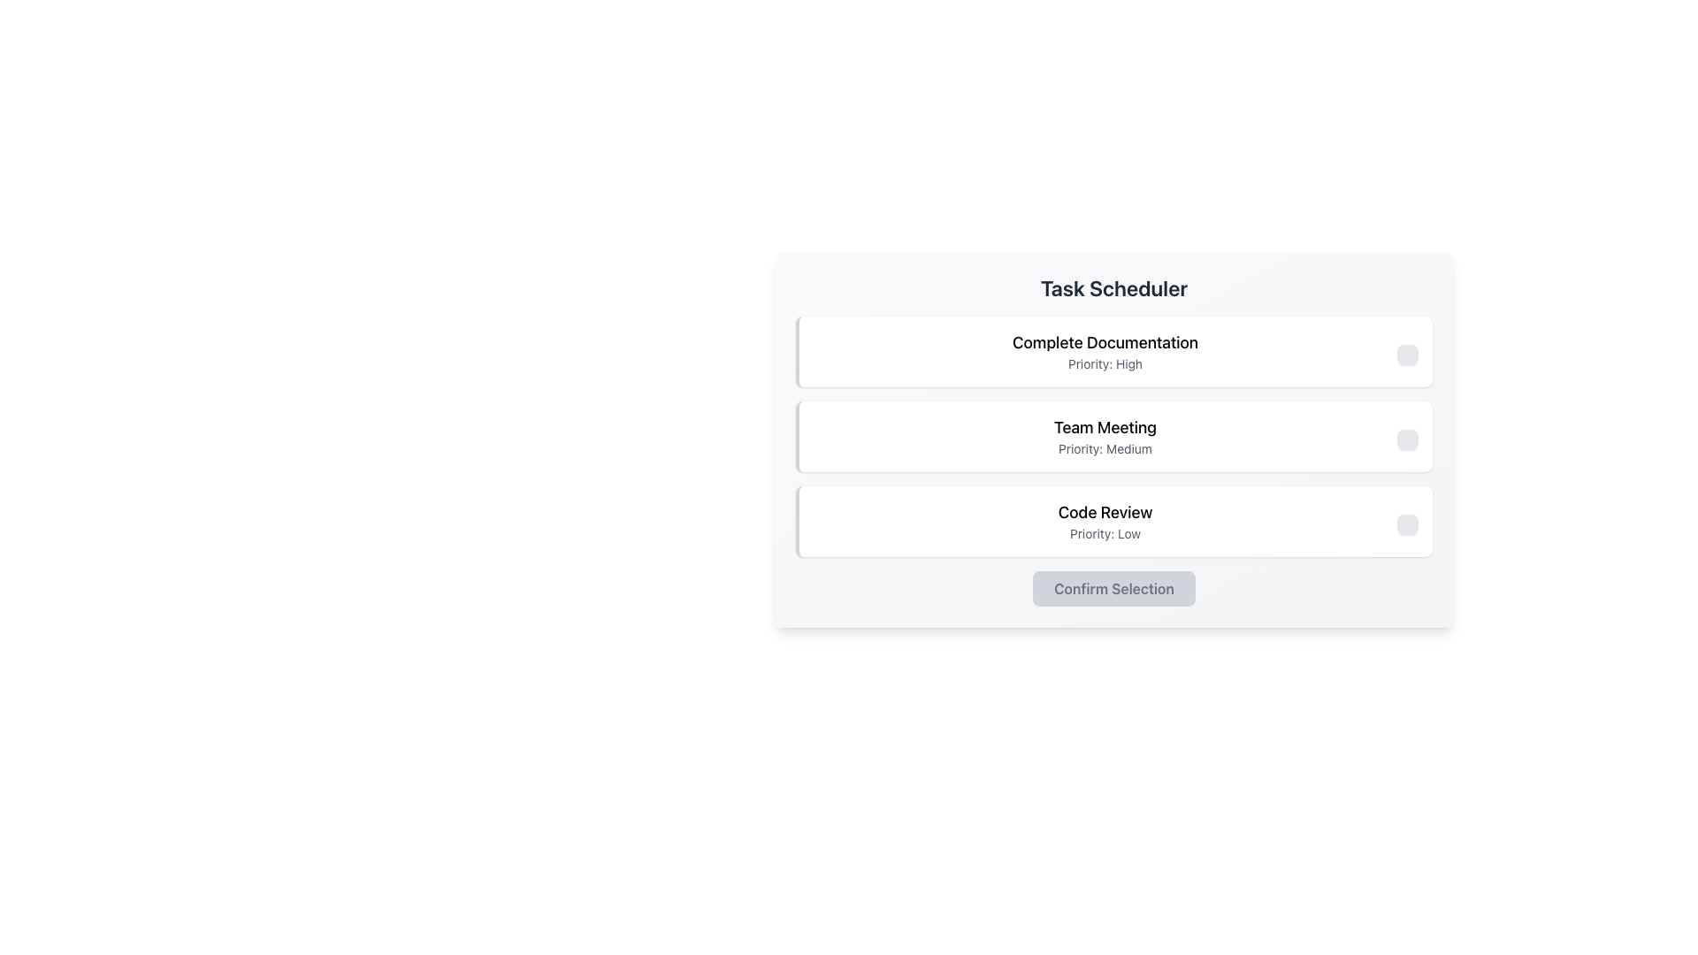  Describe the element at coordinates (1407, 524) in the screenshot. I see `the small, square shaped button with rounded corners, located at the far right of the row containing 'Code Review' and 'Priority: Low'` at that location.